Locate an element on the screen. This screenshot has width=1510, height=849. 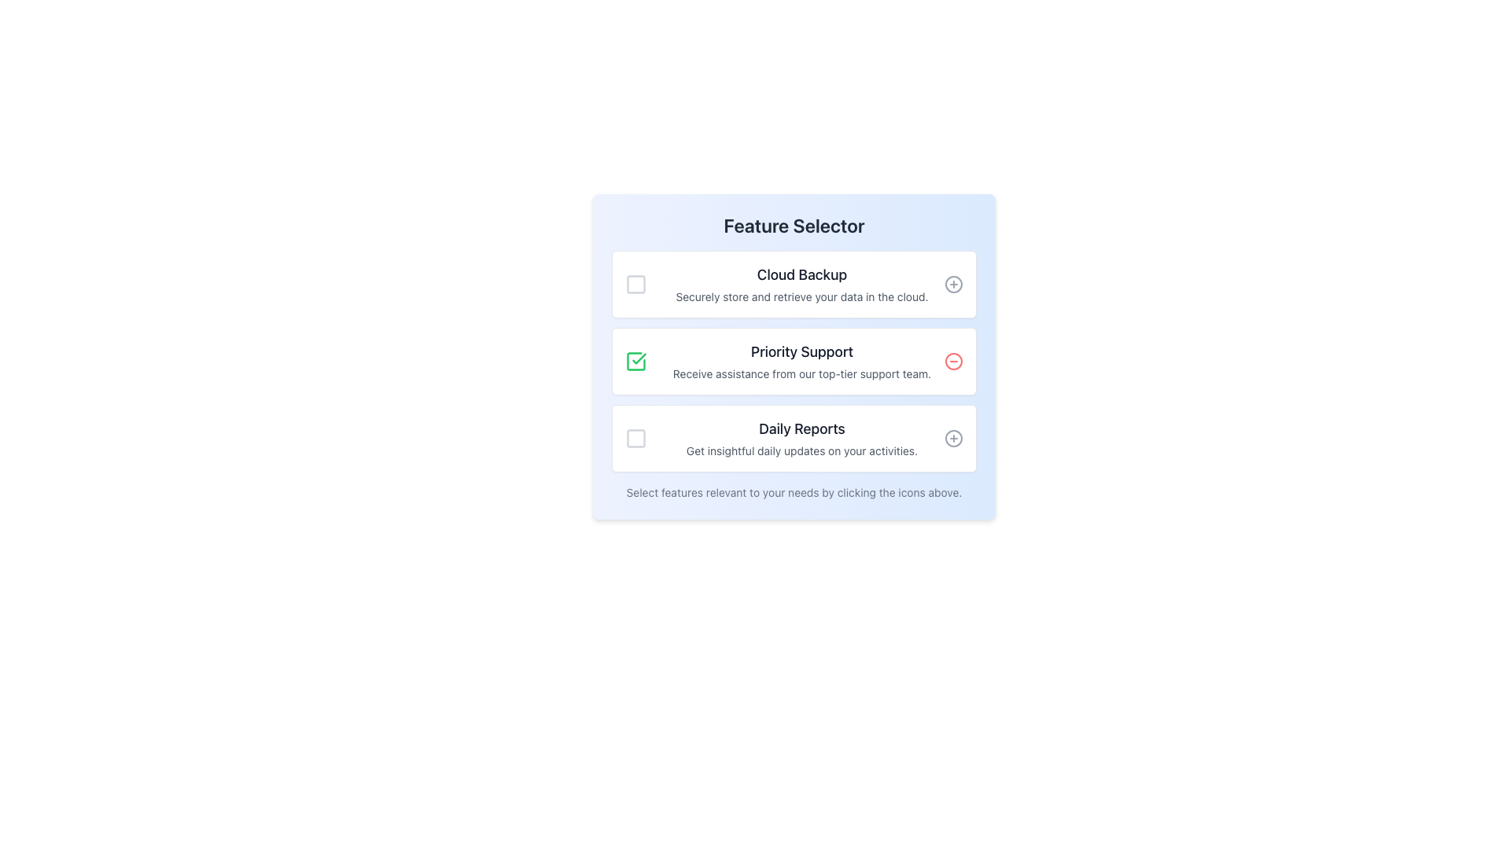
the Text Description Component titled 'Daily Reports', which includes the description 'Get insightful daily updates on your activities.' is located at coordinates (801, 439).